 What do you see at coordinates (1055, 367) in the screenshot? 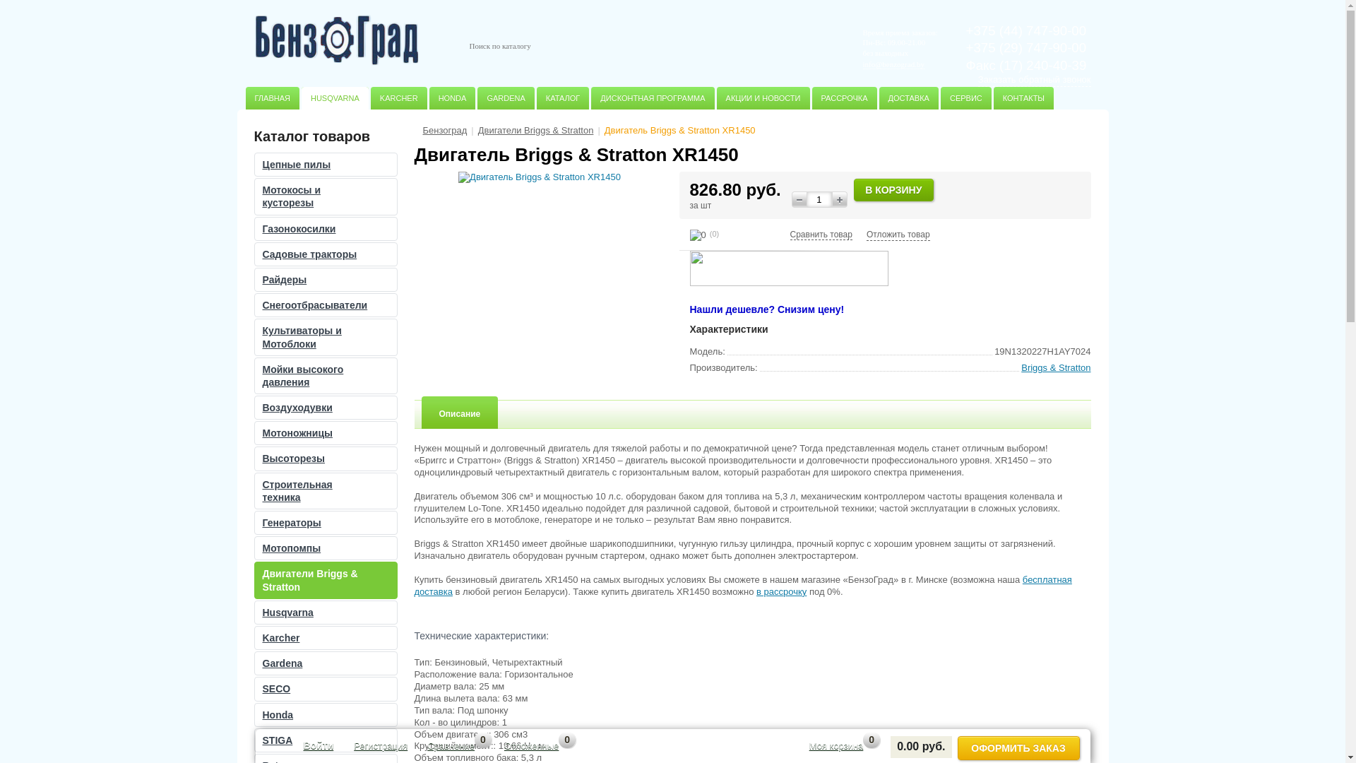
I see `'Briggs & Stratton'` at bounding box center [1055, 367].